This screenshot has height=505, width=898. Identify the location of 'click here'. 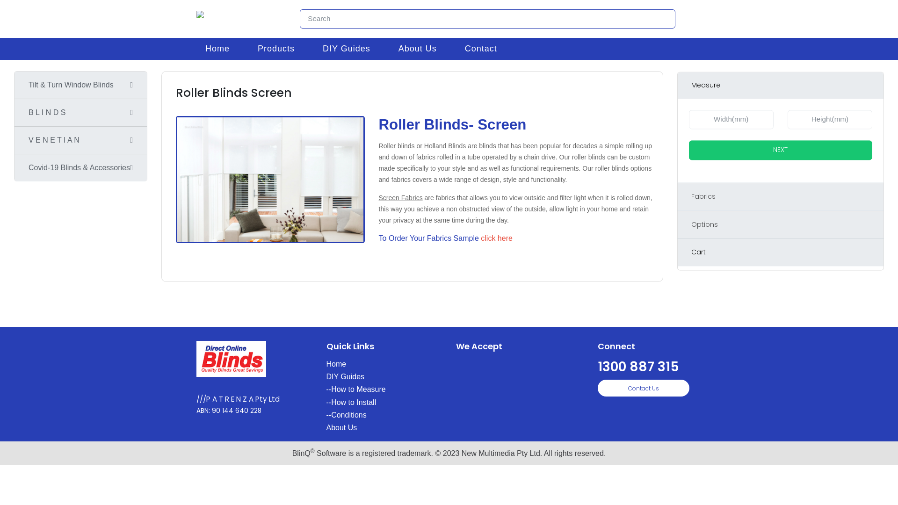
(496, 238).